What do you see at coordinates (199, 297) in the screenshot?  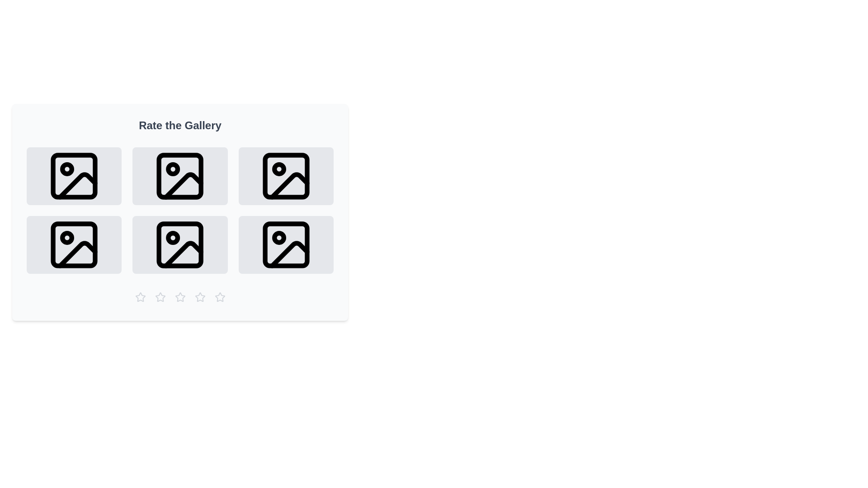 I see `the star rating button corresponding to 4 stars` at bounding box center [199, 297].